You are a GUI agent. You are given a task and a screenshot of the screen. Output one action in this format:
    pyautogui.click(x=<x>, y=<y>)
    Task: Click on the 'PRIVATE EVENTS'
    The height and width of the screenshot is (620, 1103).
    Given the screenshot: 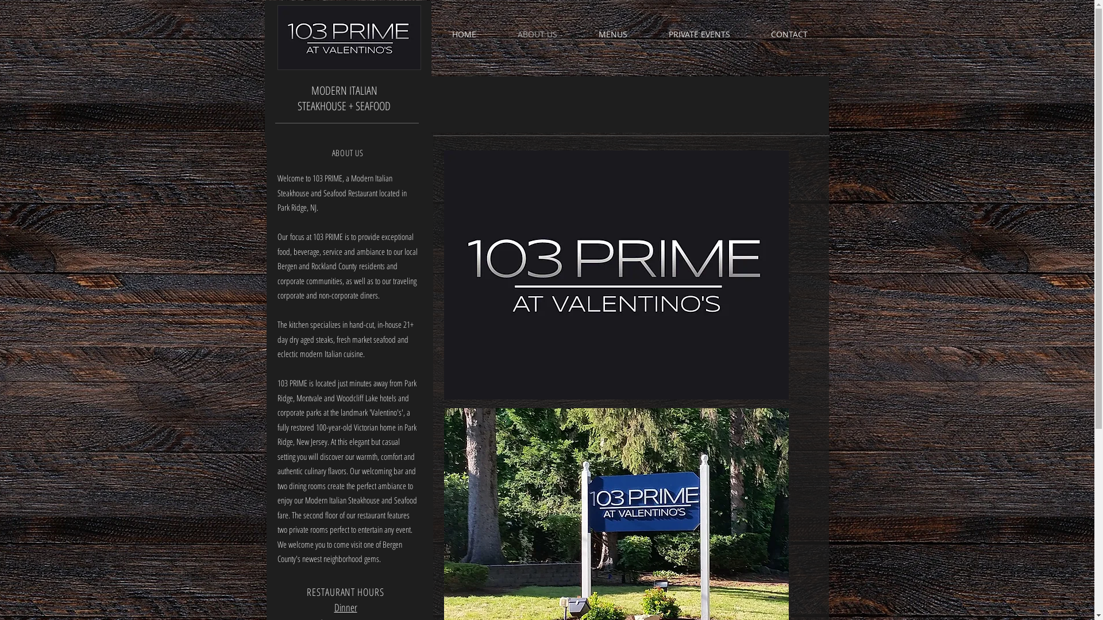 What is the action you would take?
    pyautogui.click(x=699, y=34)
    